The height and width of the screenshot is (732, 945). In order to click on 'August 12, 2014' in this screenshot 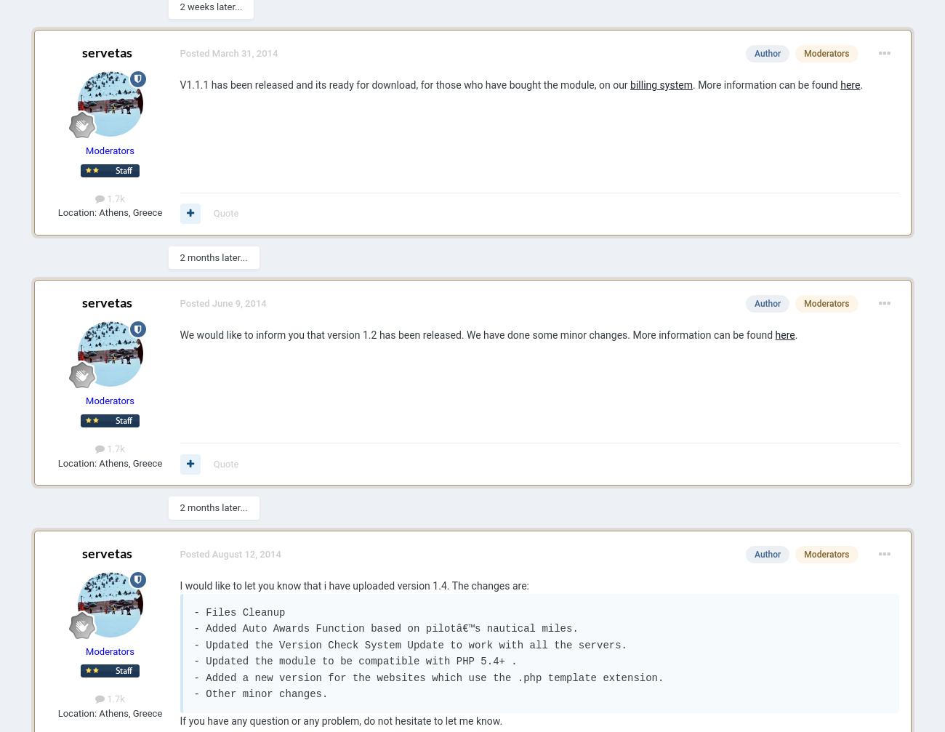, I will do `click(245, 552)`.